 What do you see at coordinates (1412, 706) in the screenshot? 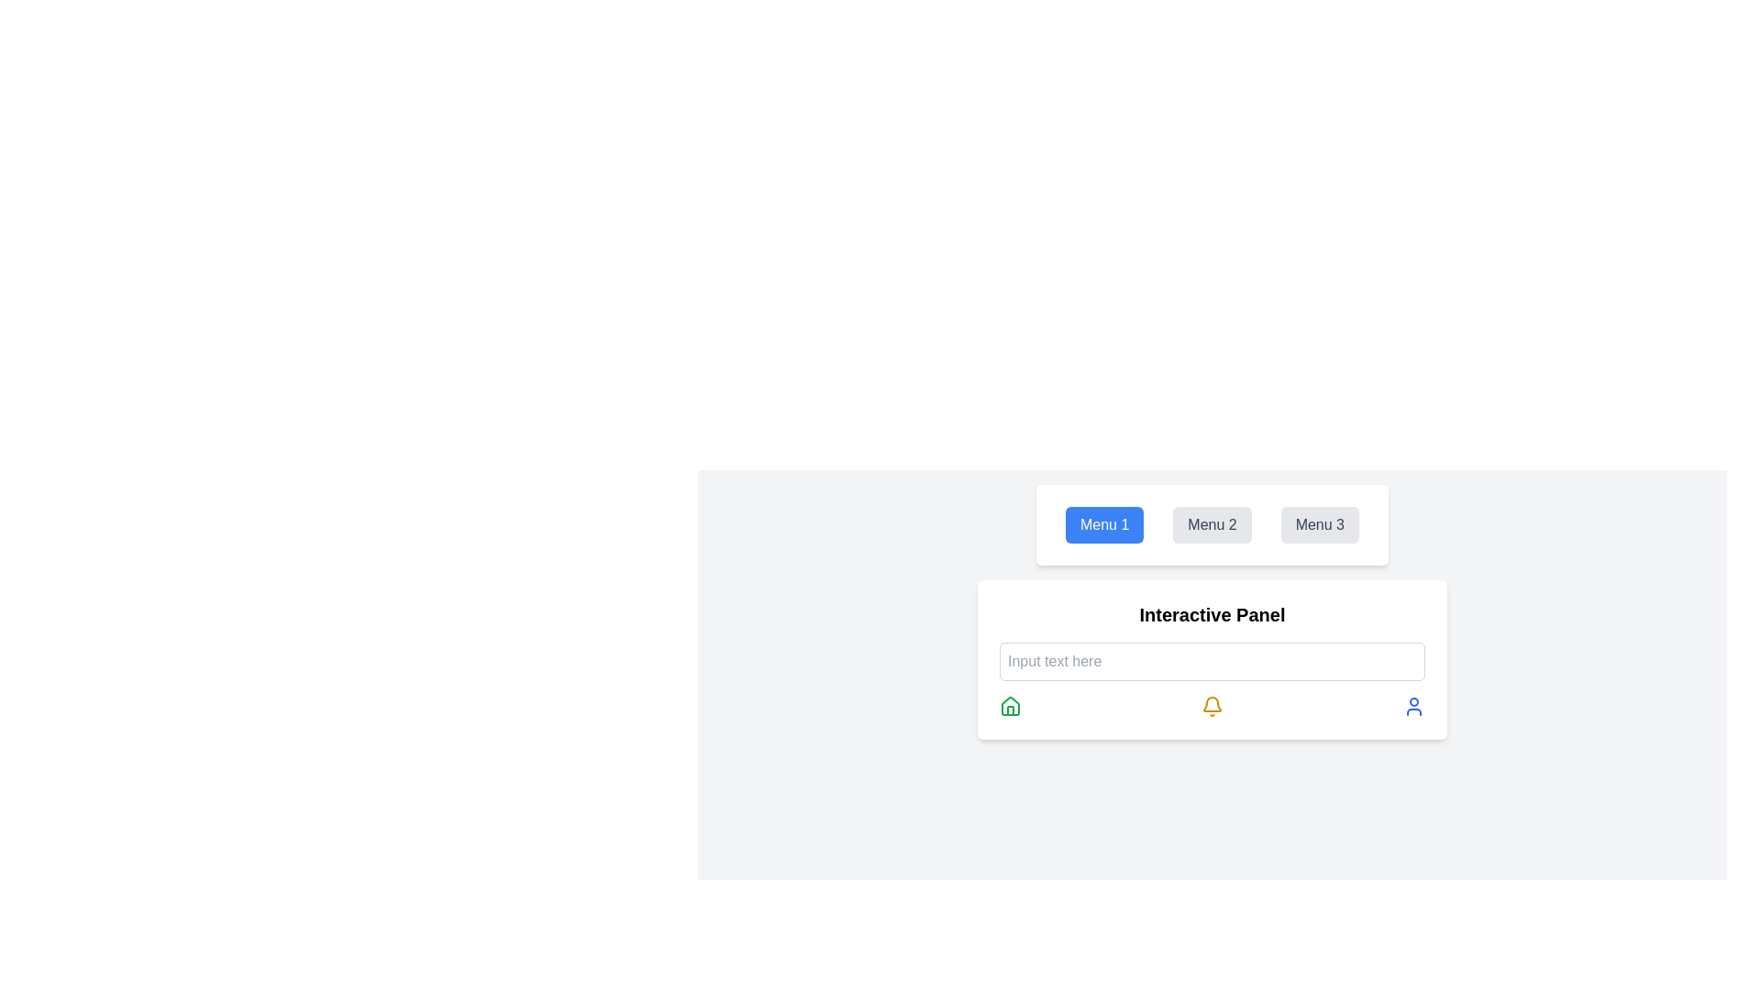
I see `the user profile icon located at the bottom-right of the 'Interactive Panel'` at bounding box center [1412, 706].